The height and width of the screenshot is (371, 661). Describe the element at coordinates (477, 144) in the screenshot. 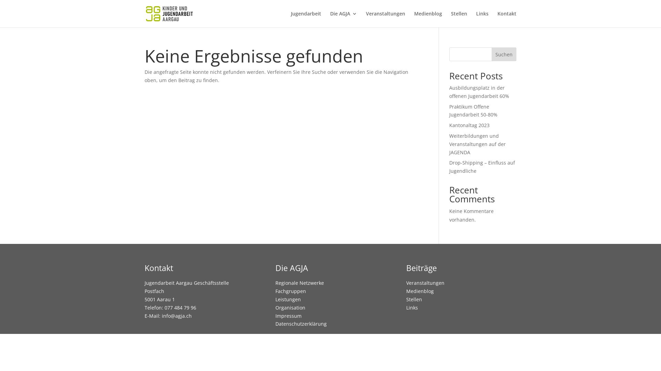

I see `'Weiterbildungen und Veranstaltungen auf der JAGENDA'` at that location.